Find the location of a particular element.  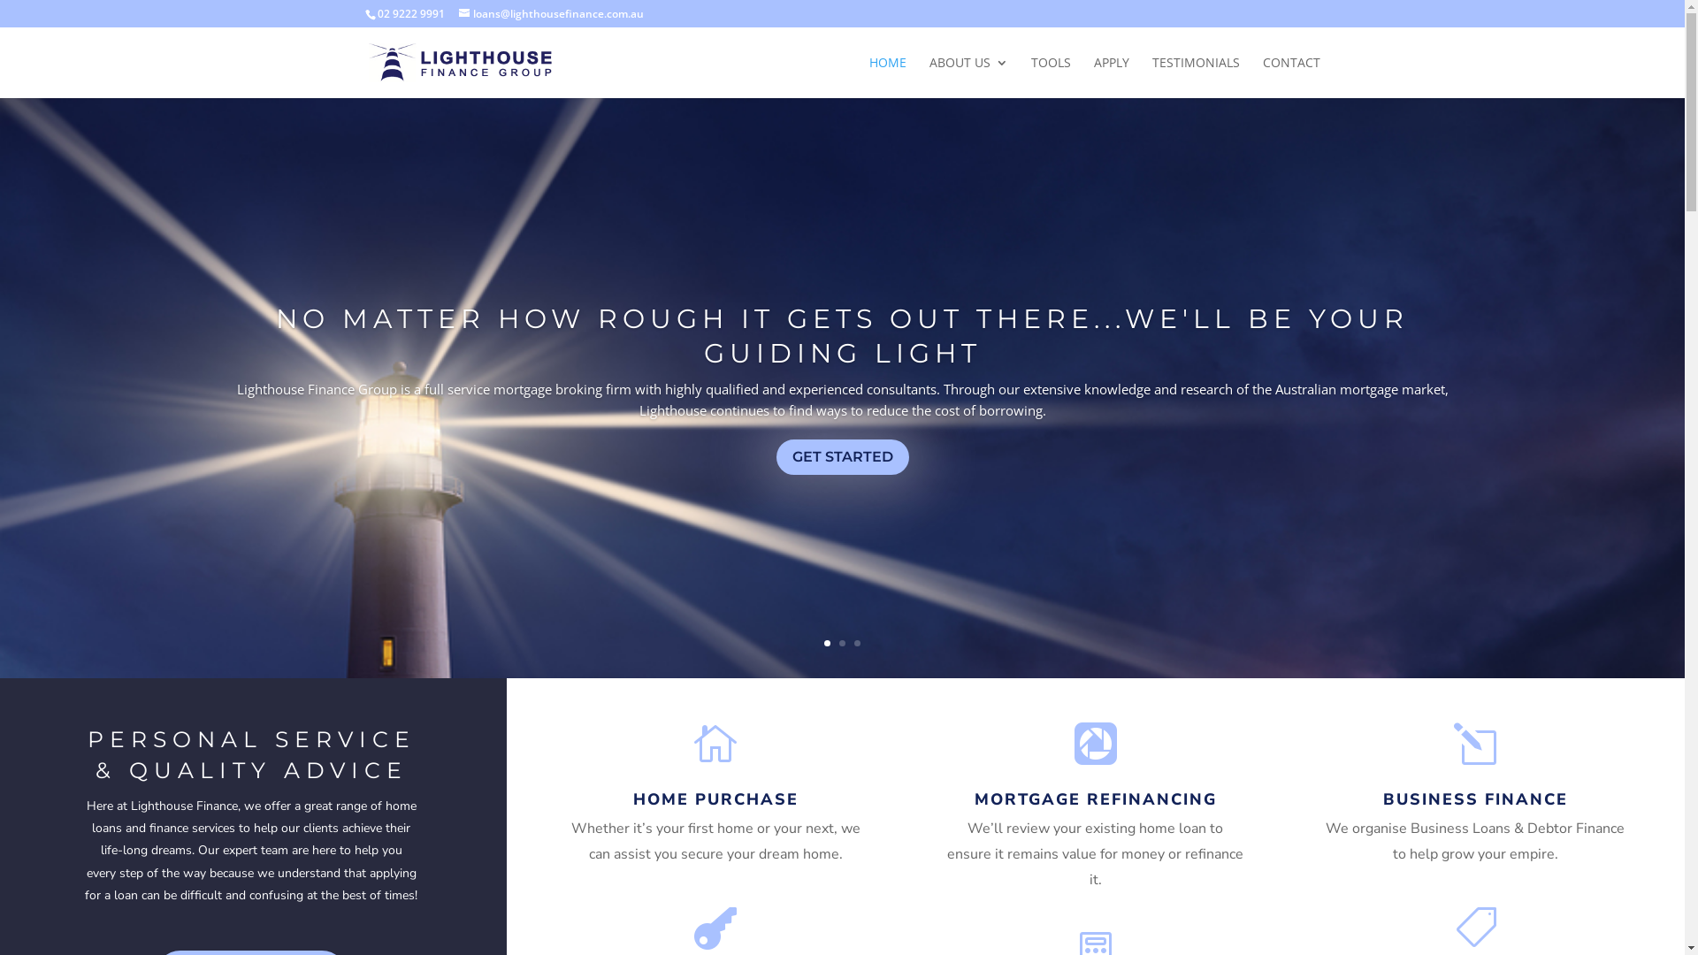

'GET STARTED' is located at coordinates (776, 456).